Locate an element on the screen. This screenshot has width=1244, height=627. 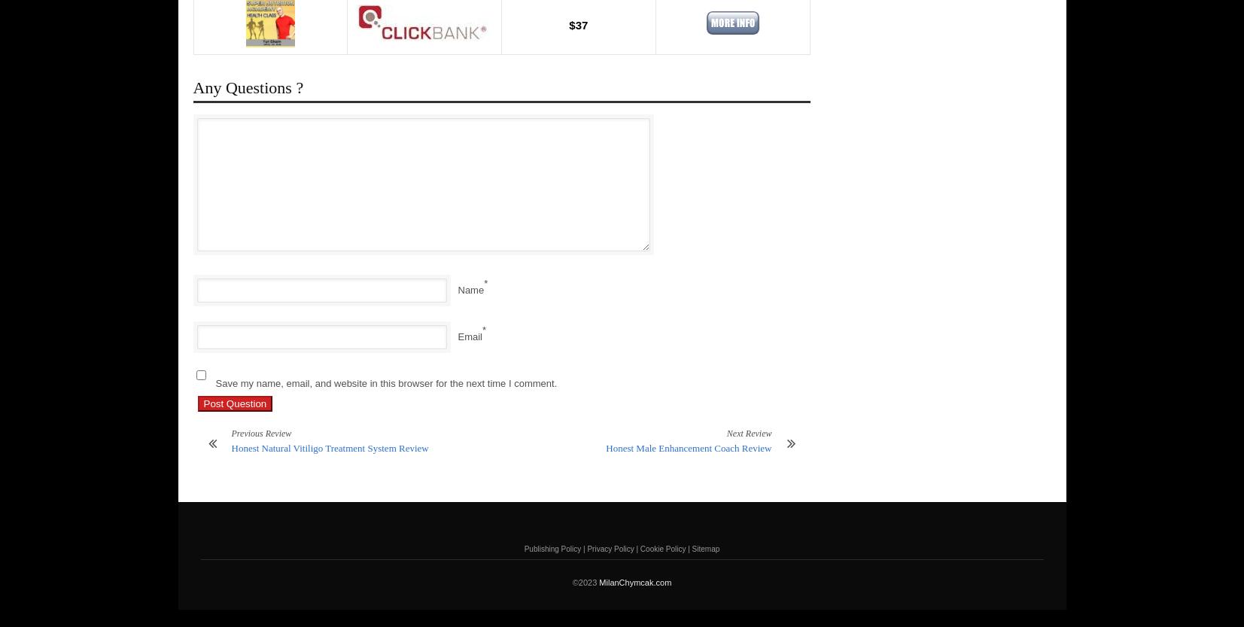
'Name' is located at coordinates (470, 290).